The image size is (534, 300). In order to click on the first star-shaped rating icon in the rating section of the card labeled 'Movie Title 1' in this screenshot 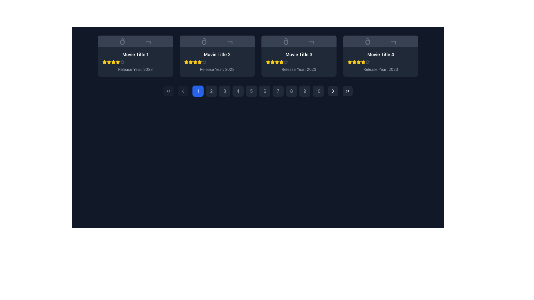, I will do `click(104, 62)`.